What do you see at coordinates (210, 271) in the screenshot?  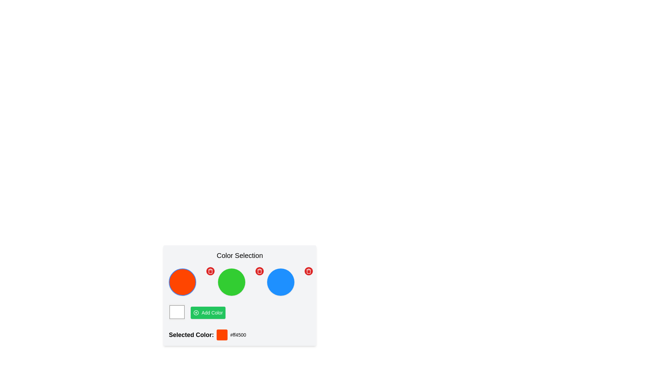 I see `the delete button with an icon located near the upper-right corner of the circular orange element` at bounding box center [210, 271].